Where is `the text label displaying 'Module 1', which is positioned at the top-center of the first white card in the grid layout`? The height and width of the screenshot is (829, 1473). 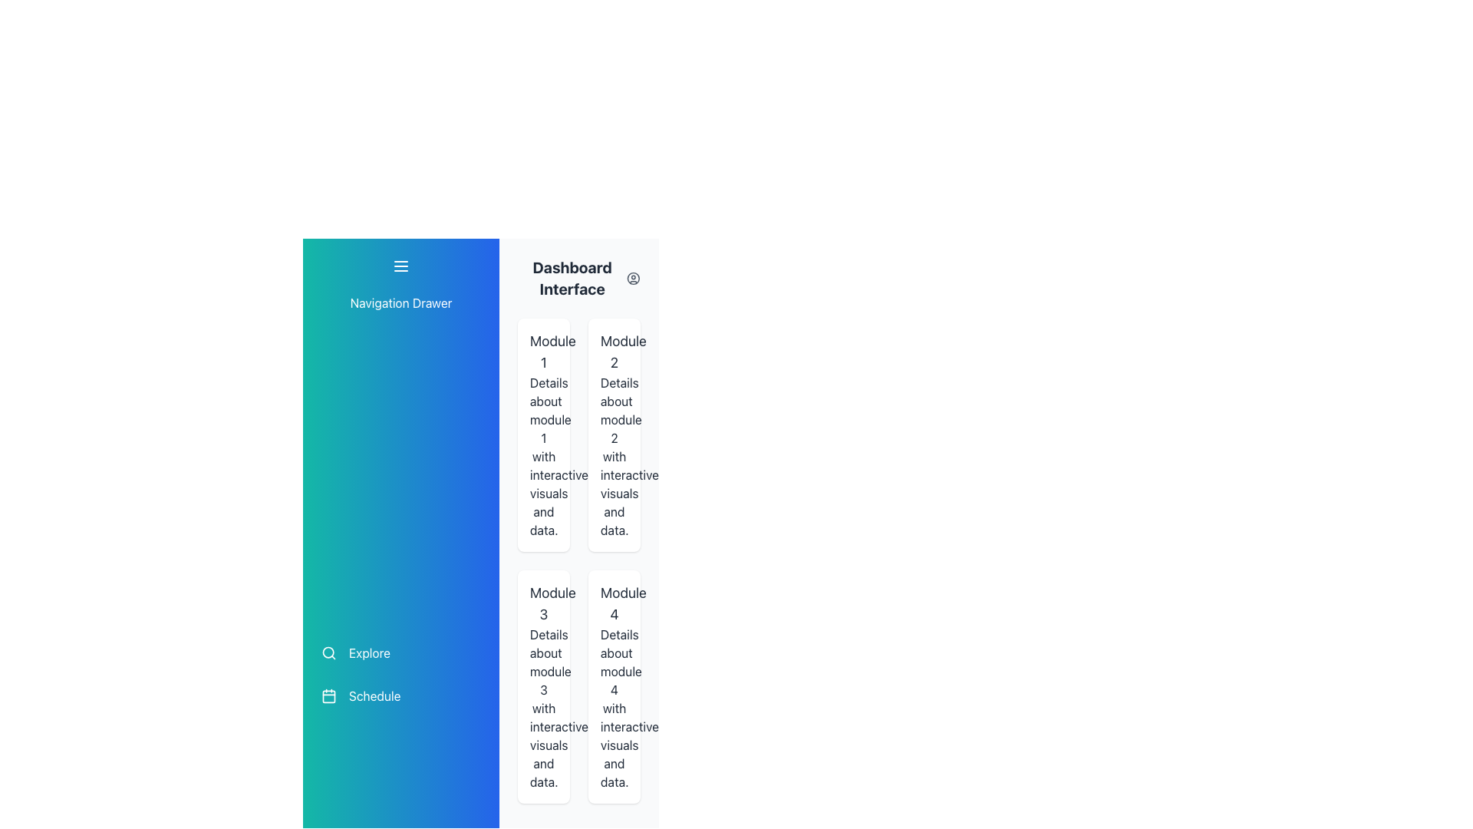 the text label displaying 'Module 1', which is positioned at the top-center of the first white card in the grid layout is located at coordinates (544, 352).